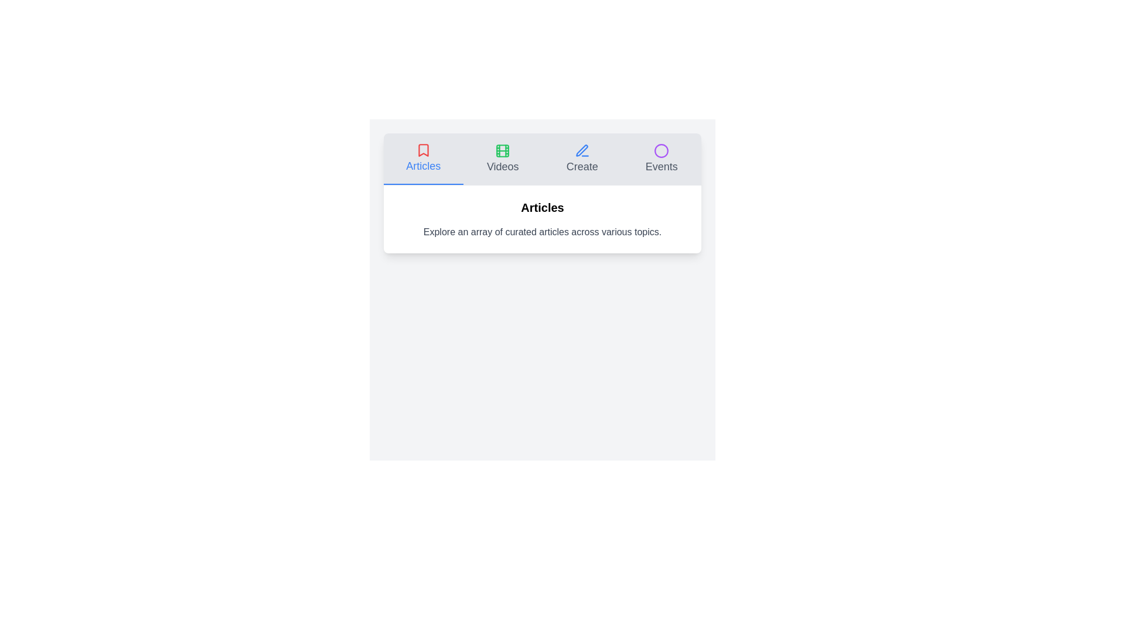 The height and width of the screenshot is (632, 1125). I want to click on the tab labeled Create to observe the hover effect, so click(582, 159).